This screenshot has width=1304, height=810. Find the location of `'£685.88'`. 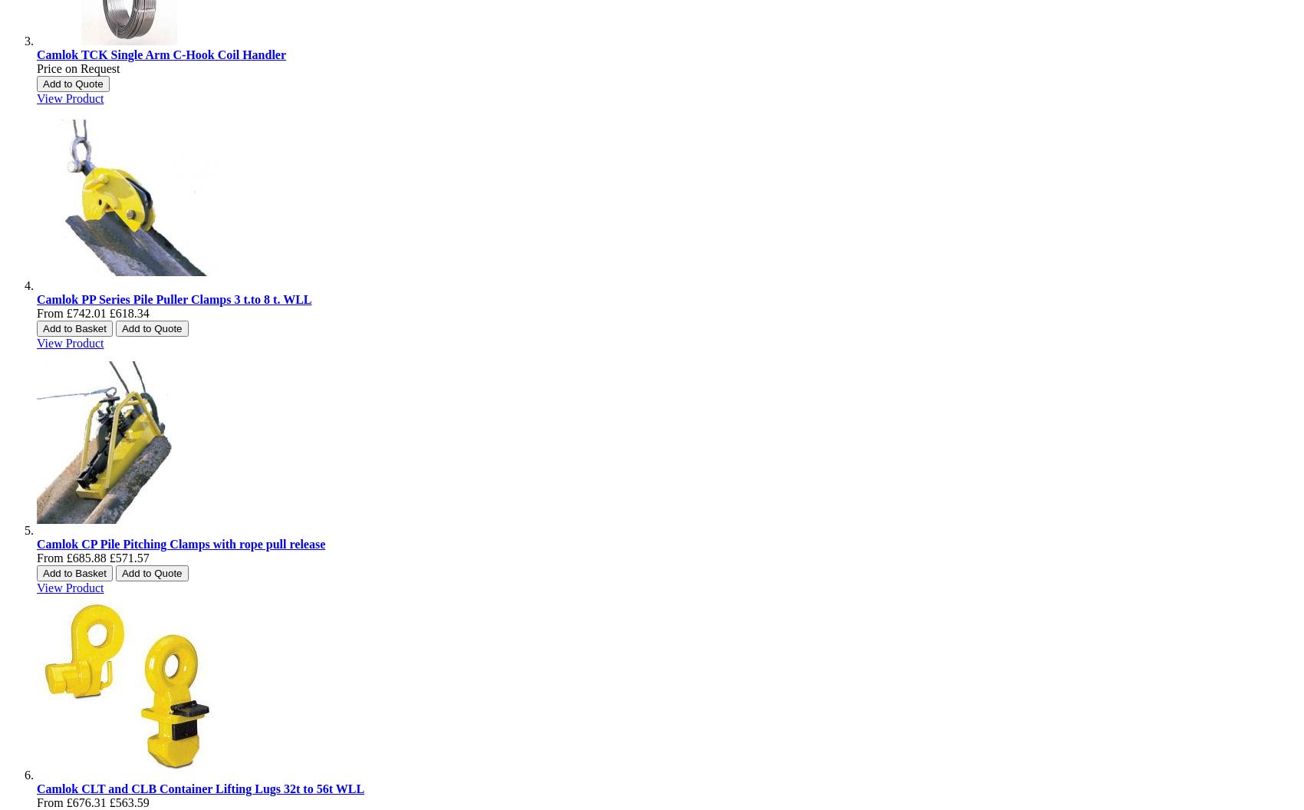

'£685.88' is located at coordinates (85, 557).